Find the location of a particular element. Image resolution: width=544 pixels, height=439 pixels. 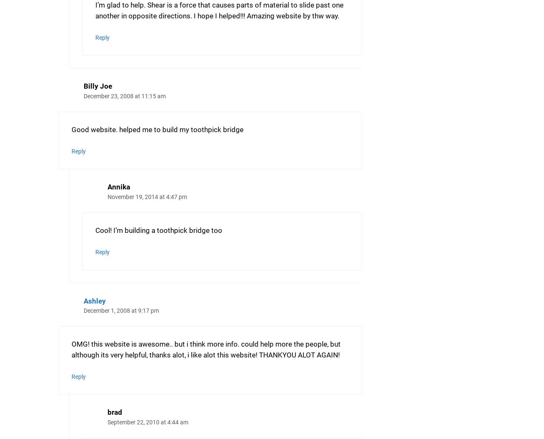

'December 1, 2008 at 9:17 pm' is located at coordinates (121, 310).